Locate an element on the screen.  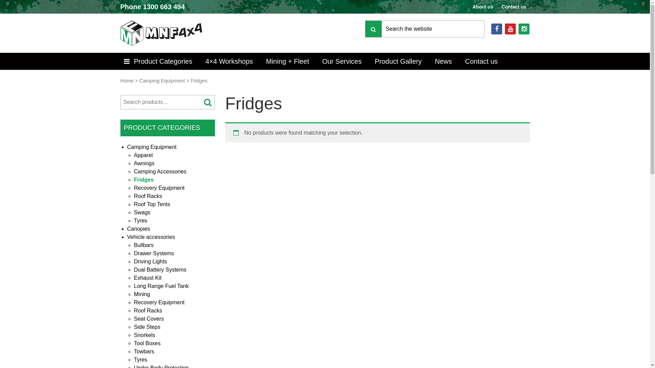
'Instagram' is located at coordinates (524, 28).